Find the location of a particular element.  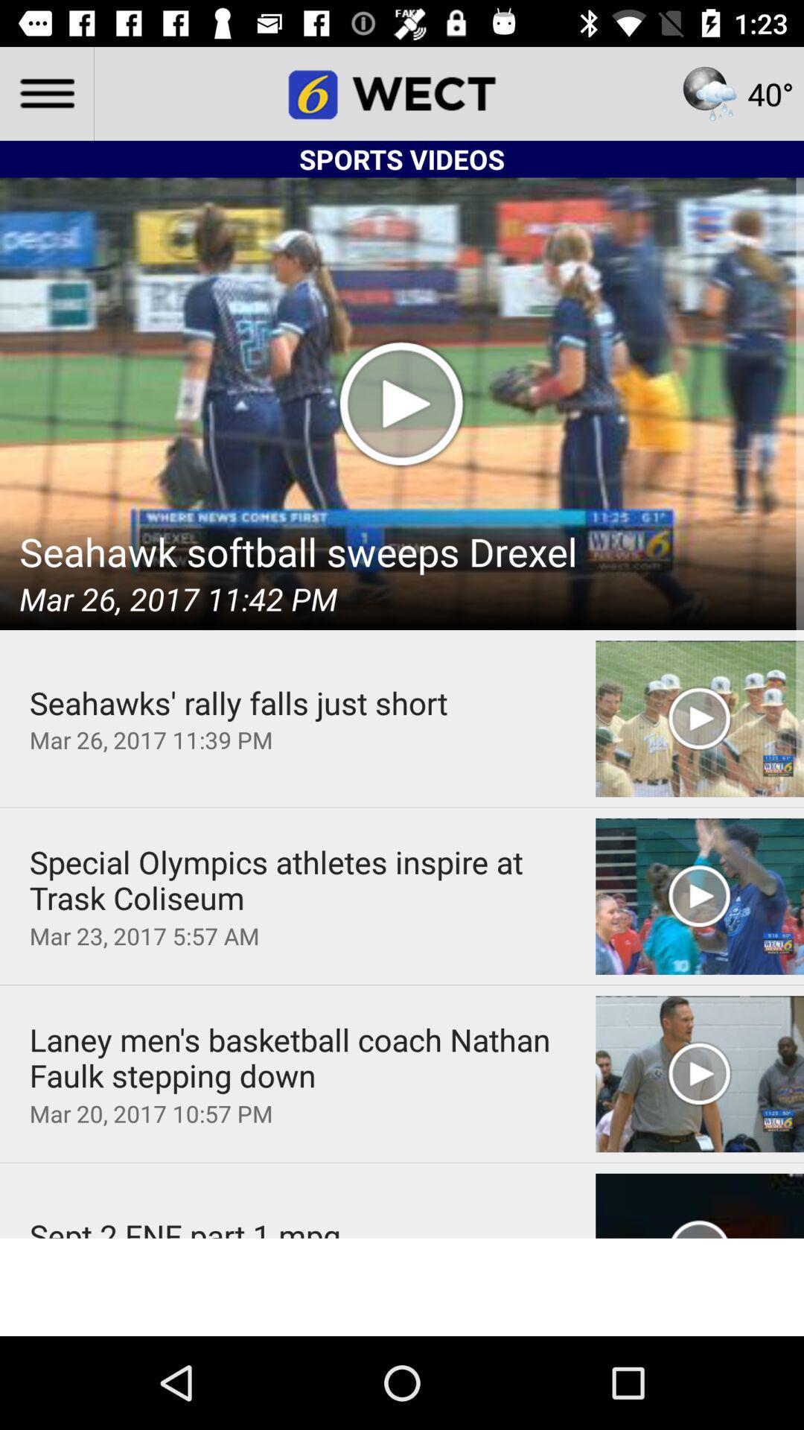

the menu icon is located at coordinates (45, 92).